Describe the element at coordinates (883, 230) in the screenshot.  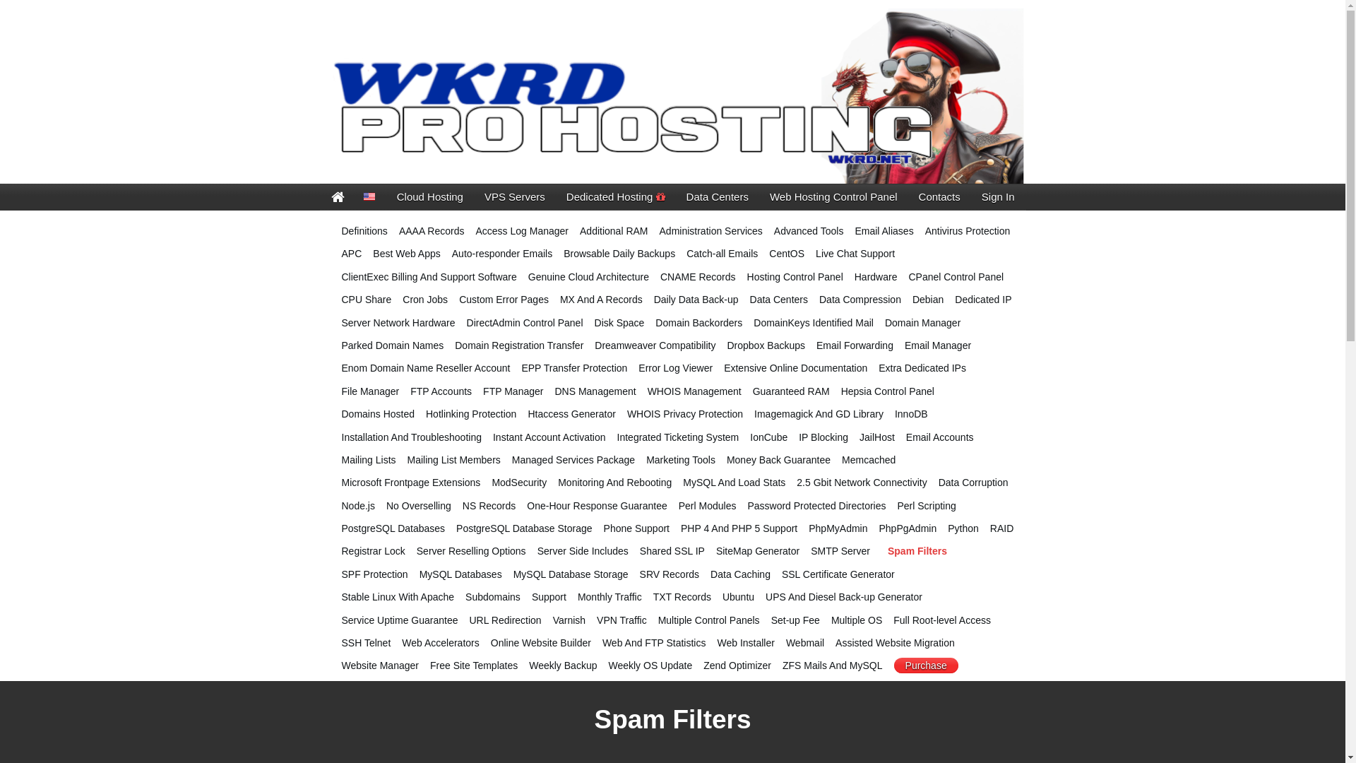
I see `'Email Aliases'` at that location.